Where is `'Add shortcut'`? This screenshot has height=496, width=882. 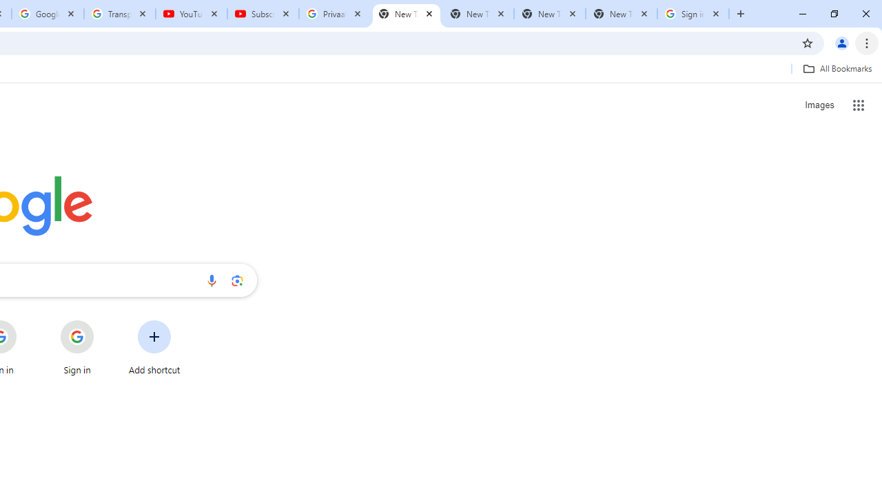 'Add shortcut' is located at coordinates (154, 347).